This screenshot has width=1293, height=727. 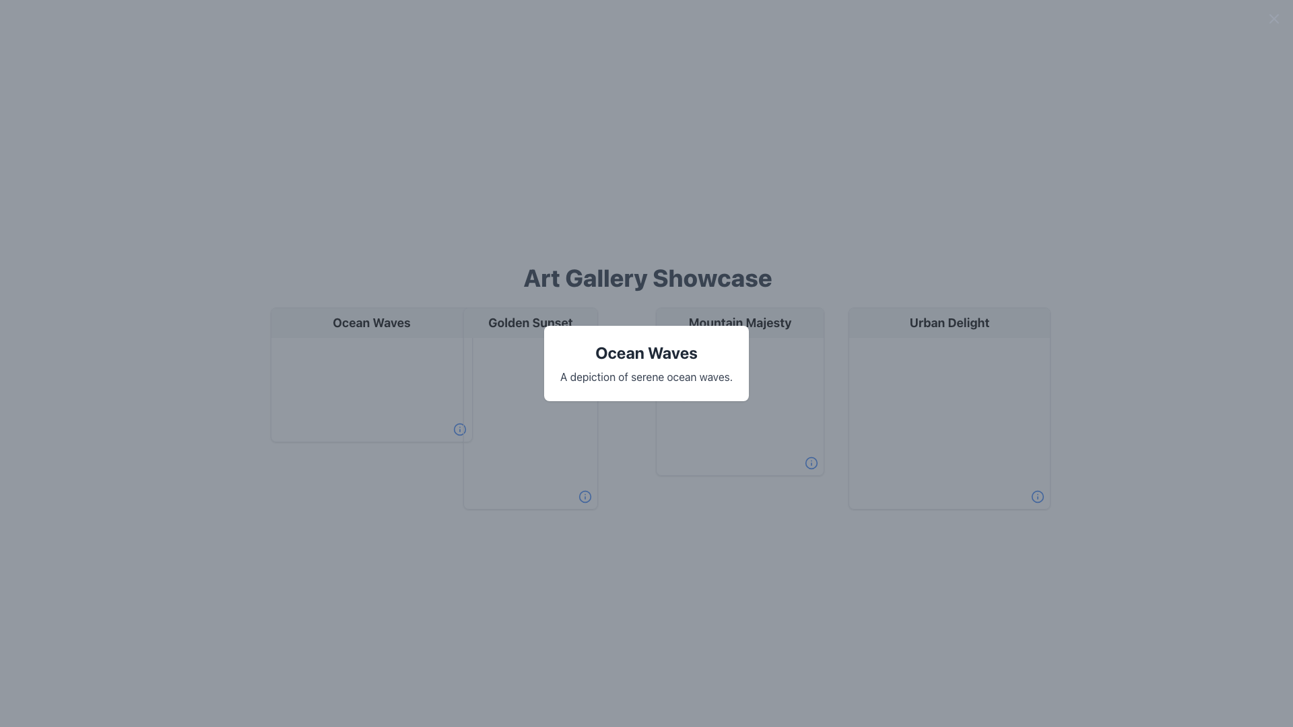 What do you see at coordinates (1036, 496) in the screenshot?
I see `the circular Icon Component that is part of an information icon located in the bottom-right corner of the 'Urban Delight' section` at bounding box center [1036, 496].